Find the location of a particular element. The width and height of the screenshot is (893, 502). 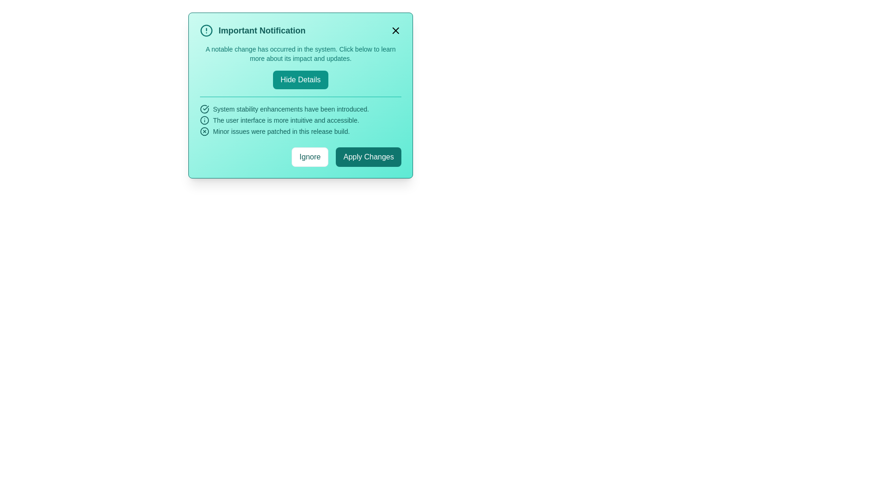

the icon located to the left of the text 'The user interface is more intuitive and accessible.' which serves as a visual indicator for associated messages is located at coordinates (204, 119).